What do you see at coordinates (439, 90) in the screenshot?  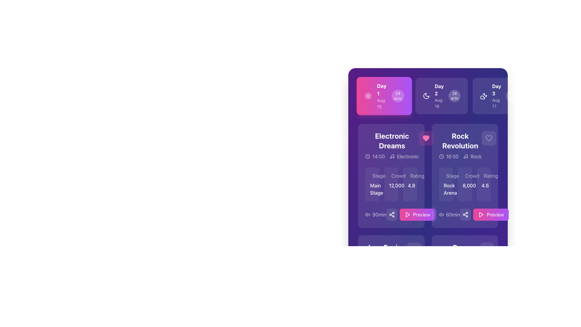 I see `text content of the Text Label indicating 'Day 2', which is part of the top horizontal navigation bar in the second slot from the left` at bounding box center [439, 90].